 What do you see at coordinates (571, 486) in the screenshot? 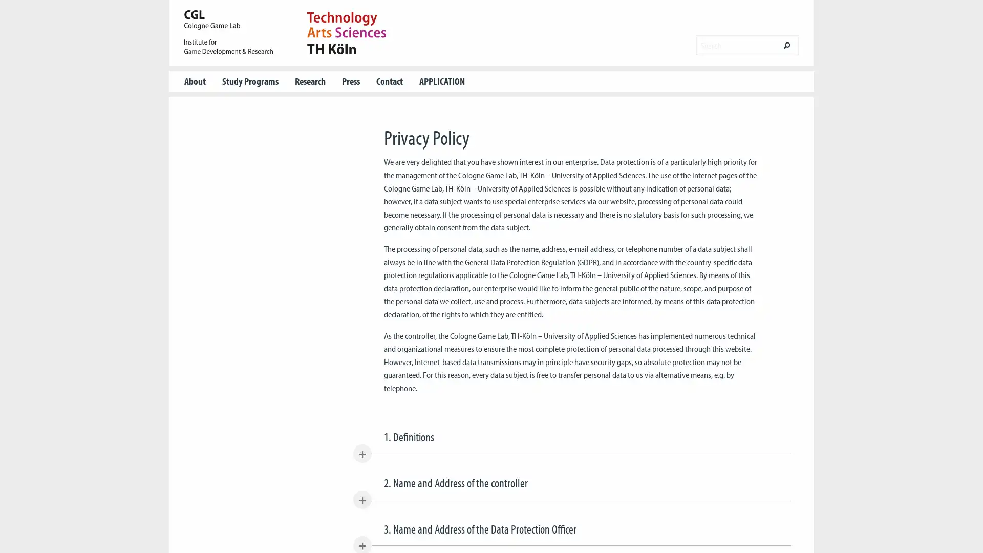
I see `2. Name and Address of the controller +` at bounding box center [571, 486].